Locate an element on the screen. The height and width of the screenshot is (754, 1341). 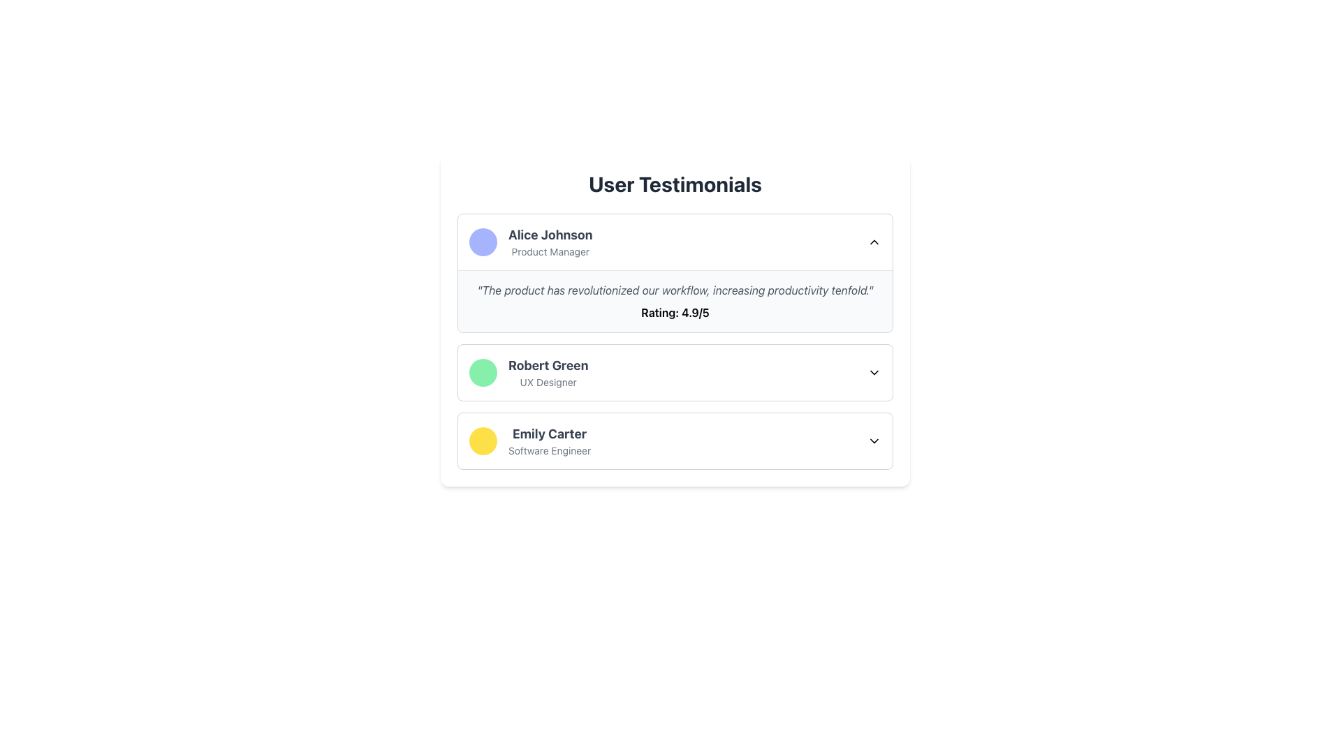
the circular avatar with a light indigo background located at the top-left corner of the testimonial card for 'Alice Johnson' is located at coordinates (483, 242).